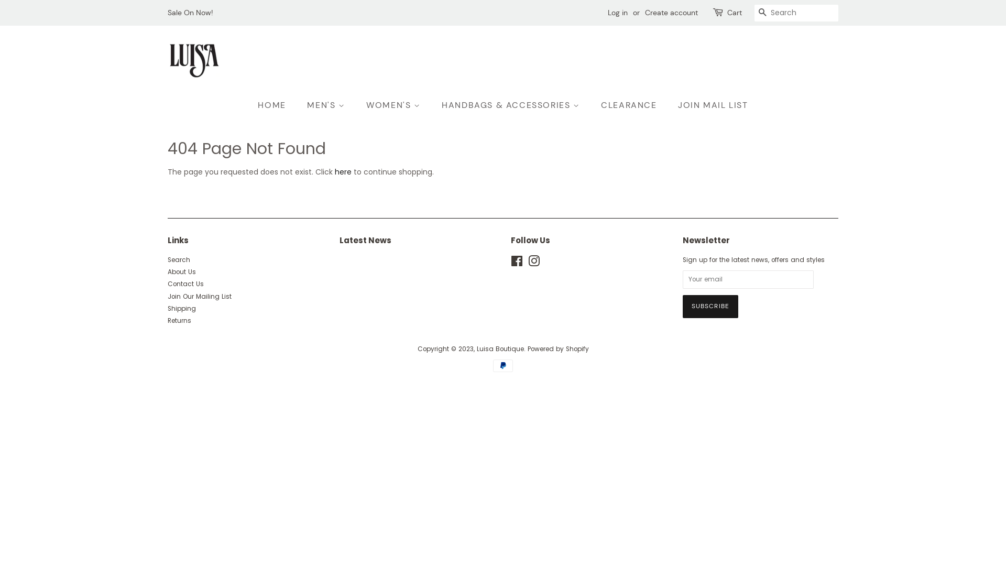  What do you see at coordinates (343, 171) in the screenshot?
I see `'here'` at bounding box center [343, 171].